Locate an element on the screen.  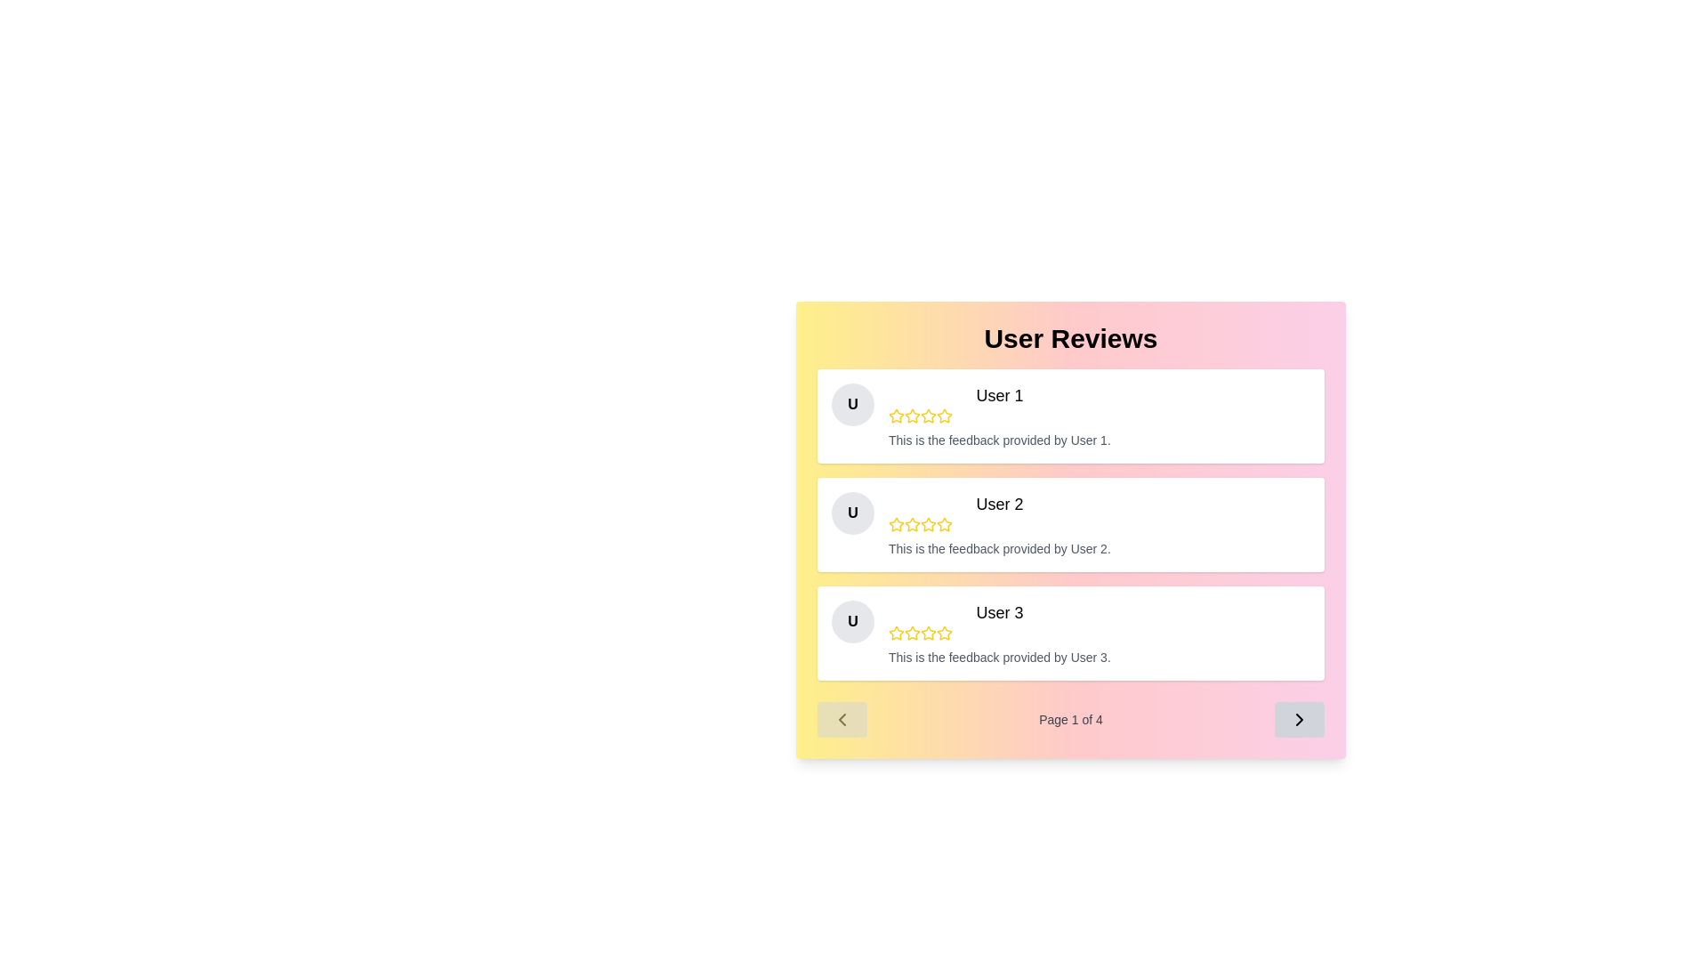
the hollow five-pointed star icon with a yellow fill and red marking located in the third position of the horizontal row of stars within the 'User 3' review card is located at coordinates (897, 632).